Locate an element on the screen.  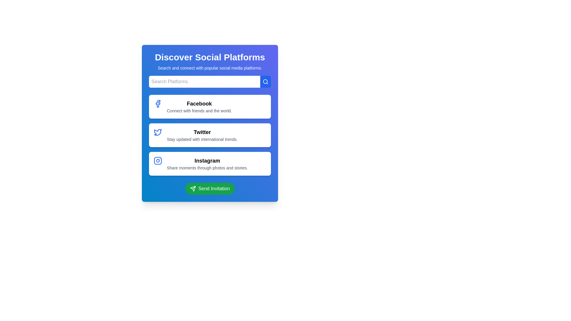
the Twitter descriptive card, which features a white background, a bird icon, and the text 'Twitter' in bold black font at the center top is located at coordinates (210, 123).